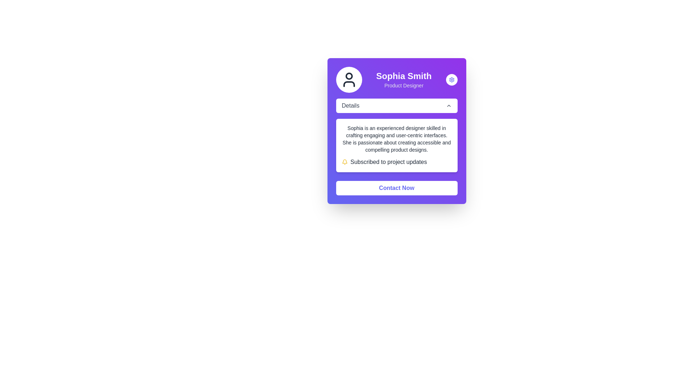 Image resolution: width=694 pixels, height=390 pixels. Describe the element at coordinates (396, 79) in the screenshot. I see `the header text 'Sophia Smith'` at that location.